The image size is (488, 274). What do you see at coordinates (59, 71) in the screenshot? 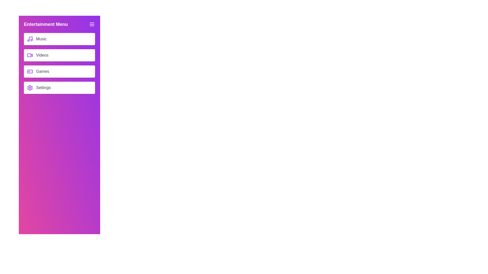
I see `the 'Games' button to select it` at bounding box center [59, 71].